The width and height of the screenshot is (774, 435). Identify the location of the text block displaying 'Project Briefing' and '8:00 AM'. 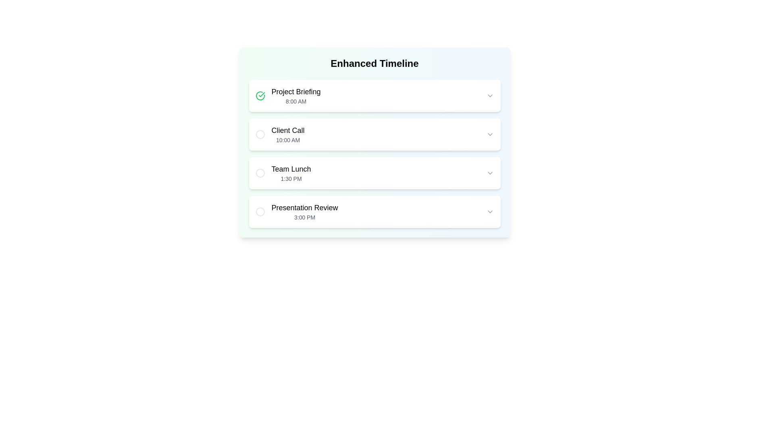
(295, 95).